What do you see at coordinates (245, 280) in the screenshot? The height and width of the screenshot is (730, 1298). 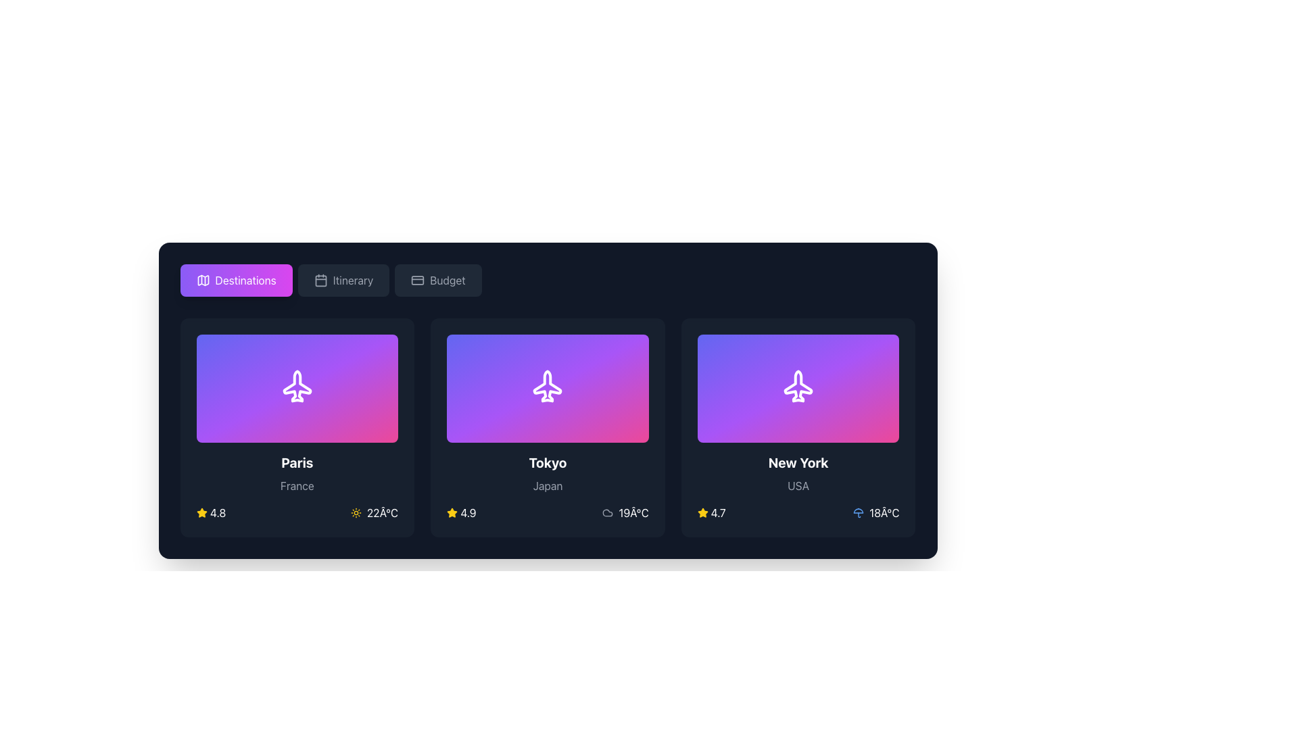 I see `the text label displaying 'Destinations', which has a gradient background and is located in the upper-left region of the application interface` at bounding box center [245, 280].